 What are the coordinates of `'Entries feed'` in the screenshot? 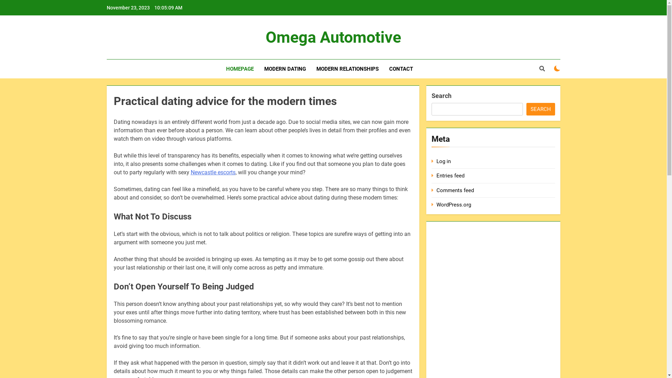 It's located at (436, 175).